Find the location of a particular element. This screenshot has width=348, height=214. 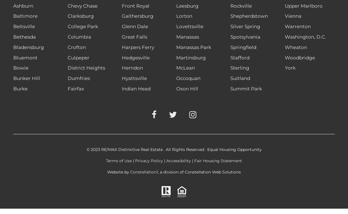

'Hedgesville' is located at coordinates (136, 57).